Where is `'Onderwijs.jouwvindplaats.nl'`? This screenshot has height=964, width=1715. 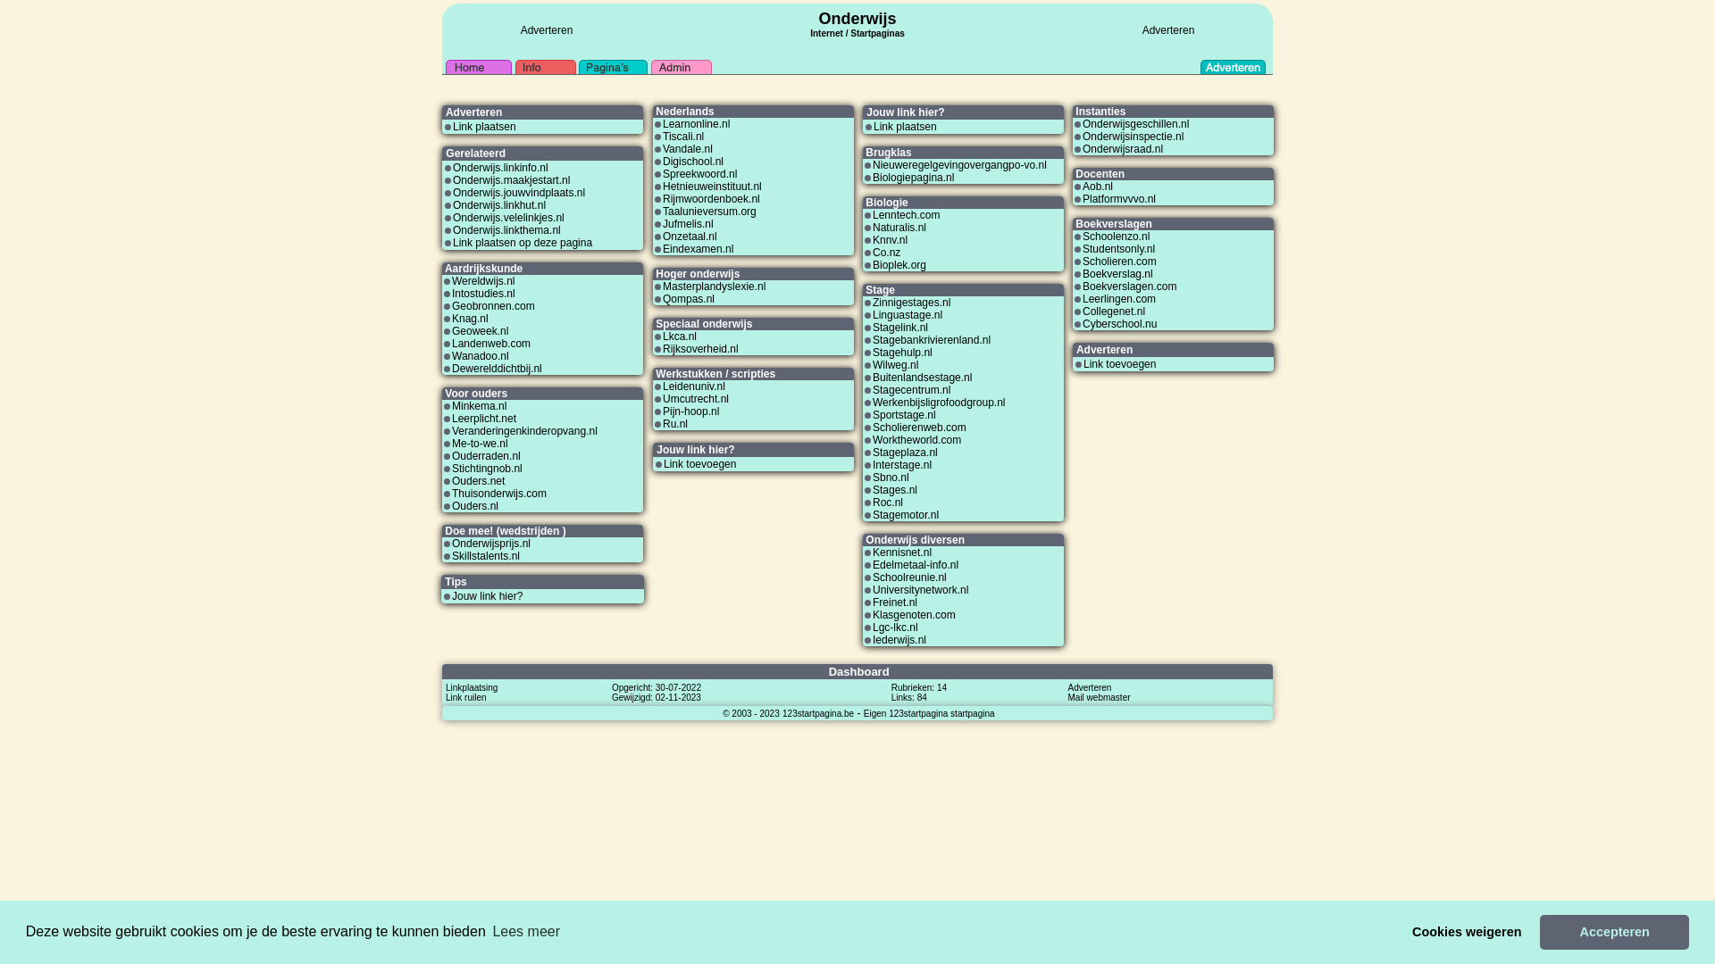 'Onderwijs.jouwvindplaats.nl' is located at coordinates (517, 193).